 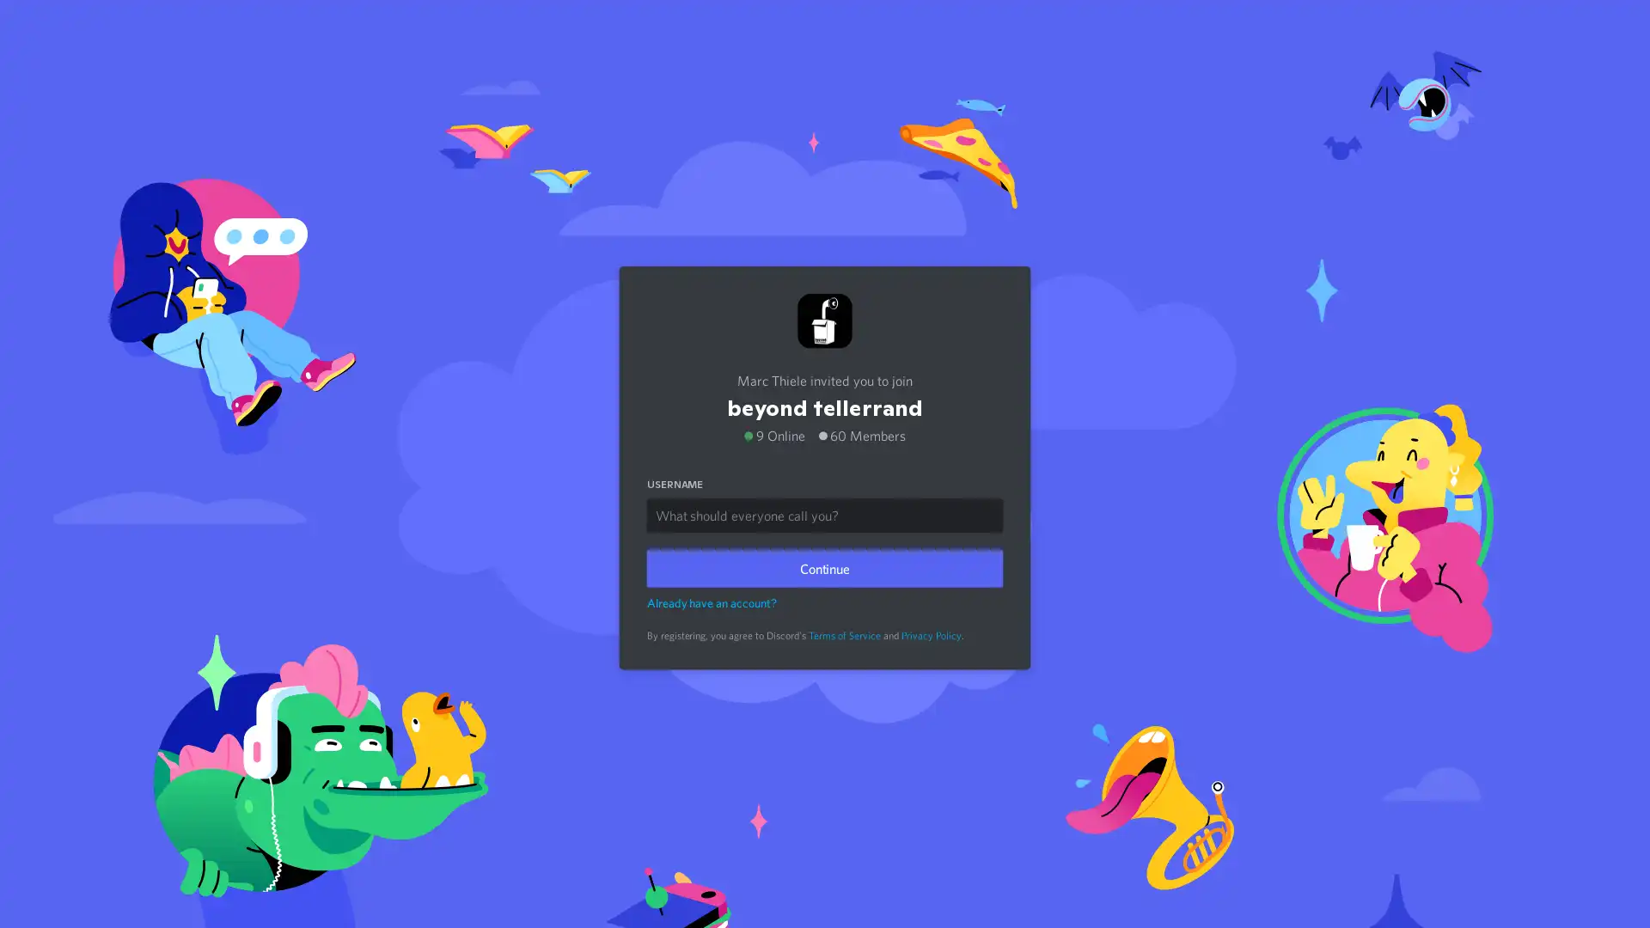 What do you see at coordinates (825, 564) in the screenshot?
I see `Continue` at bounding box center [825, 564].